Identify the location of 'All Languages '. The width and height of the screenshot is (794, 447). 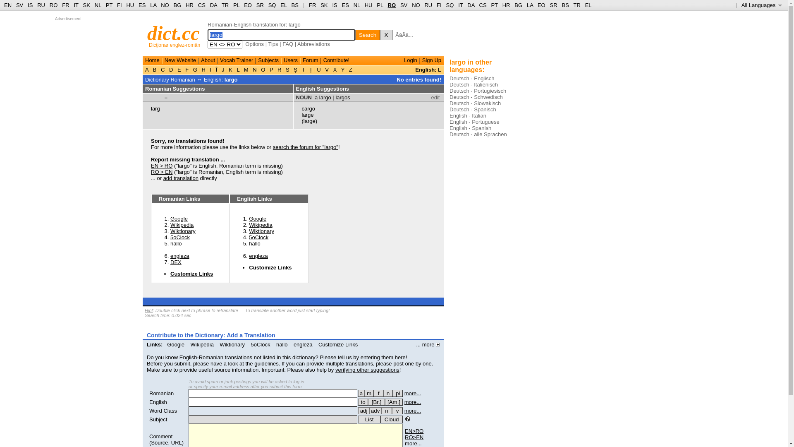
(761, 5).